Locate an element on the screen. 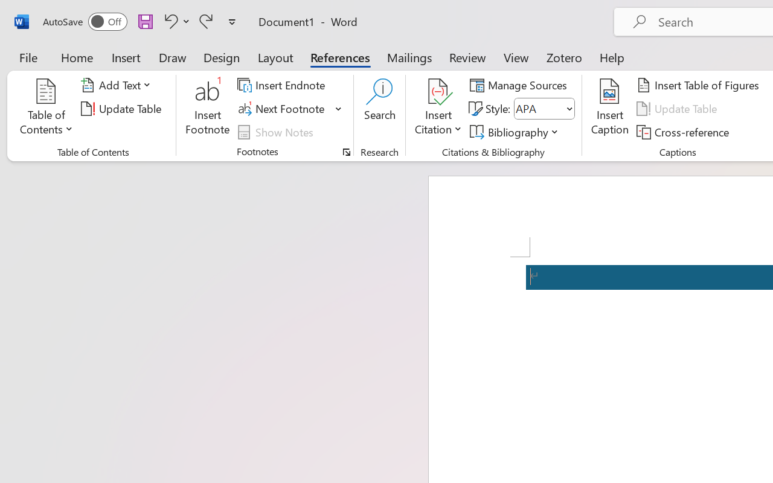 This screenshot has width=773, height=483. 'Next Footnote' is located at coordinates (282, 108).